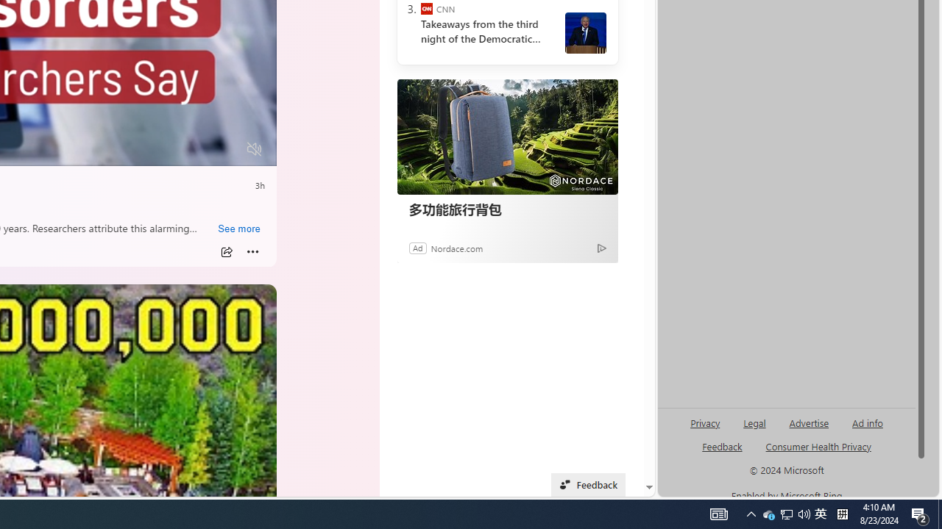  What do you see at coordinates (252, 251) in the screenshot?
I see `'More'` at bounding box center [252, 251].